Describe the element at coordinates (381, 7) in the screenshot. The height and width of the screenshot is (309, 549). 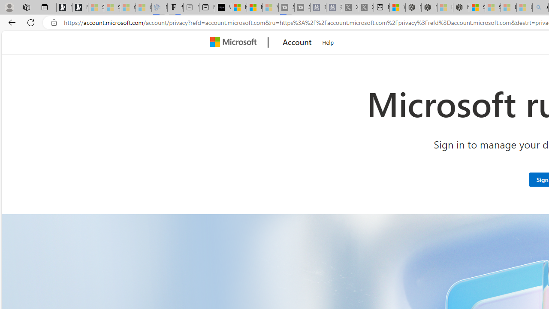
I see `'New tab'` at that location.